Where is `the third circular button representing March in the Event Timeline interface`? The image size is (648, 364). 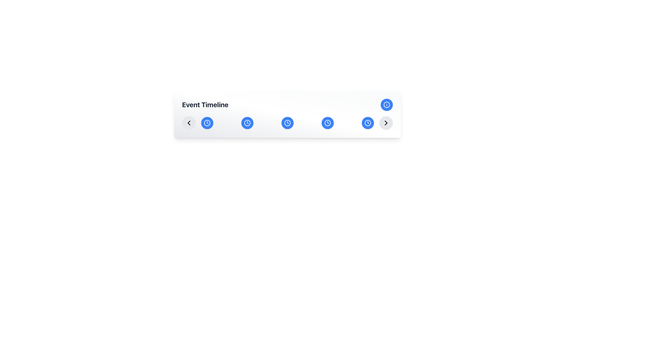 the third circular button representing March in the Event Timeline interface is located at coordinates (287, 123).